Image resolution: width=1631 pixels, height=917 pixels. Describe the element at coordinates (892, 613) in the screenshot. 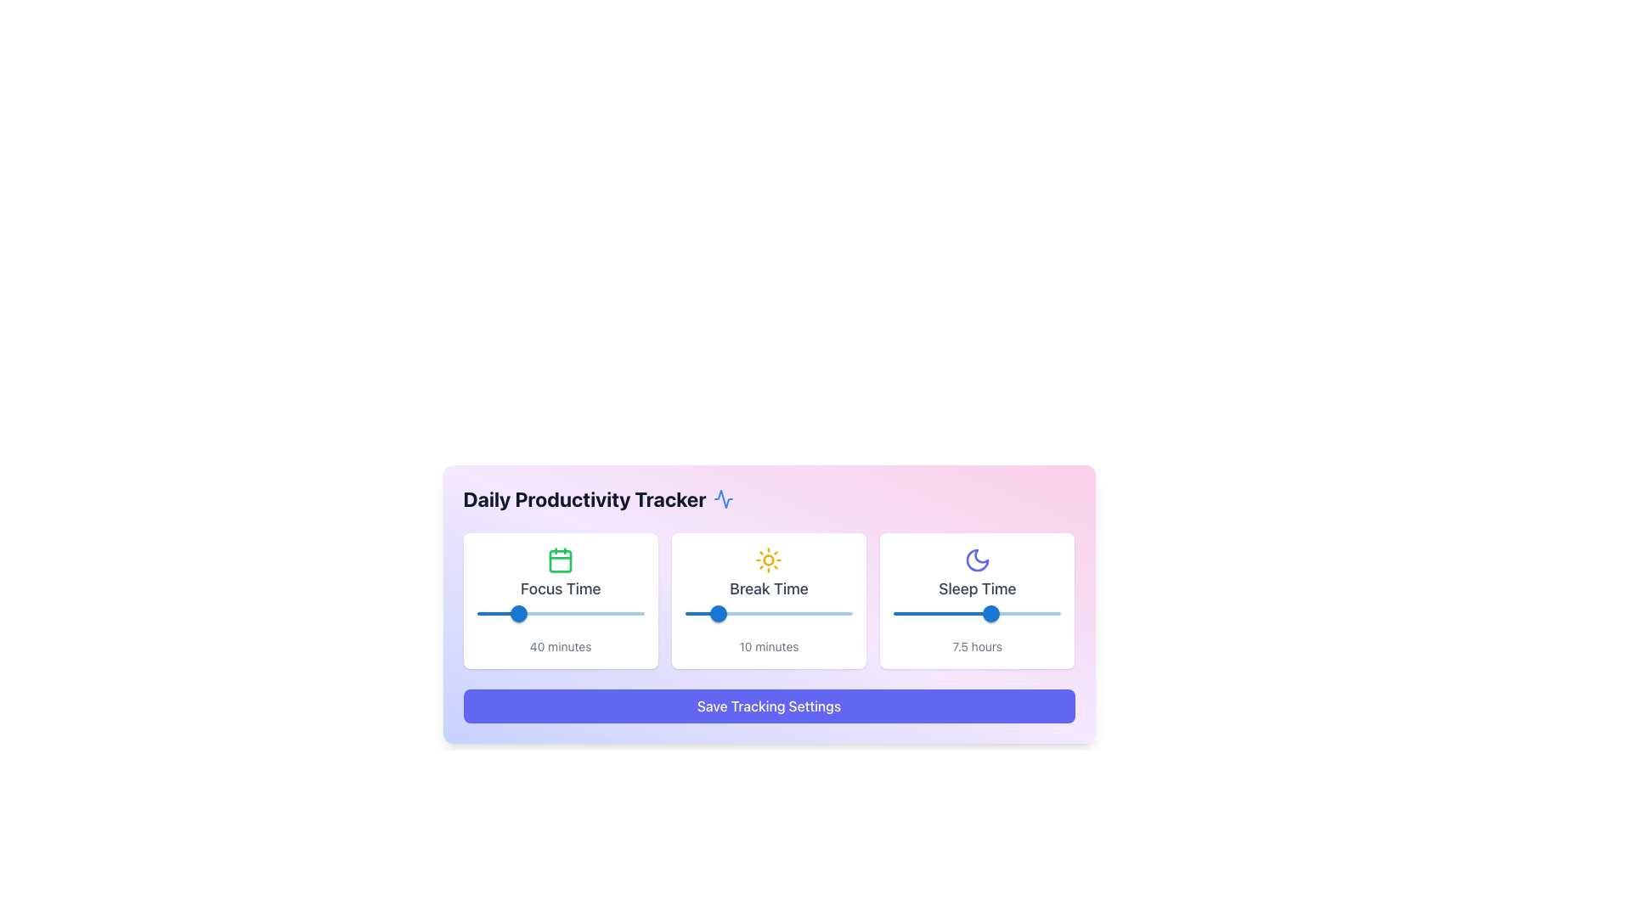

I see `the sleep time slider` at that location.